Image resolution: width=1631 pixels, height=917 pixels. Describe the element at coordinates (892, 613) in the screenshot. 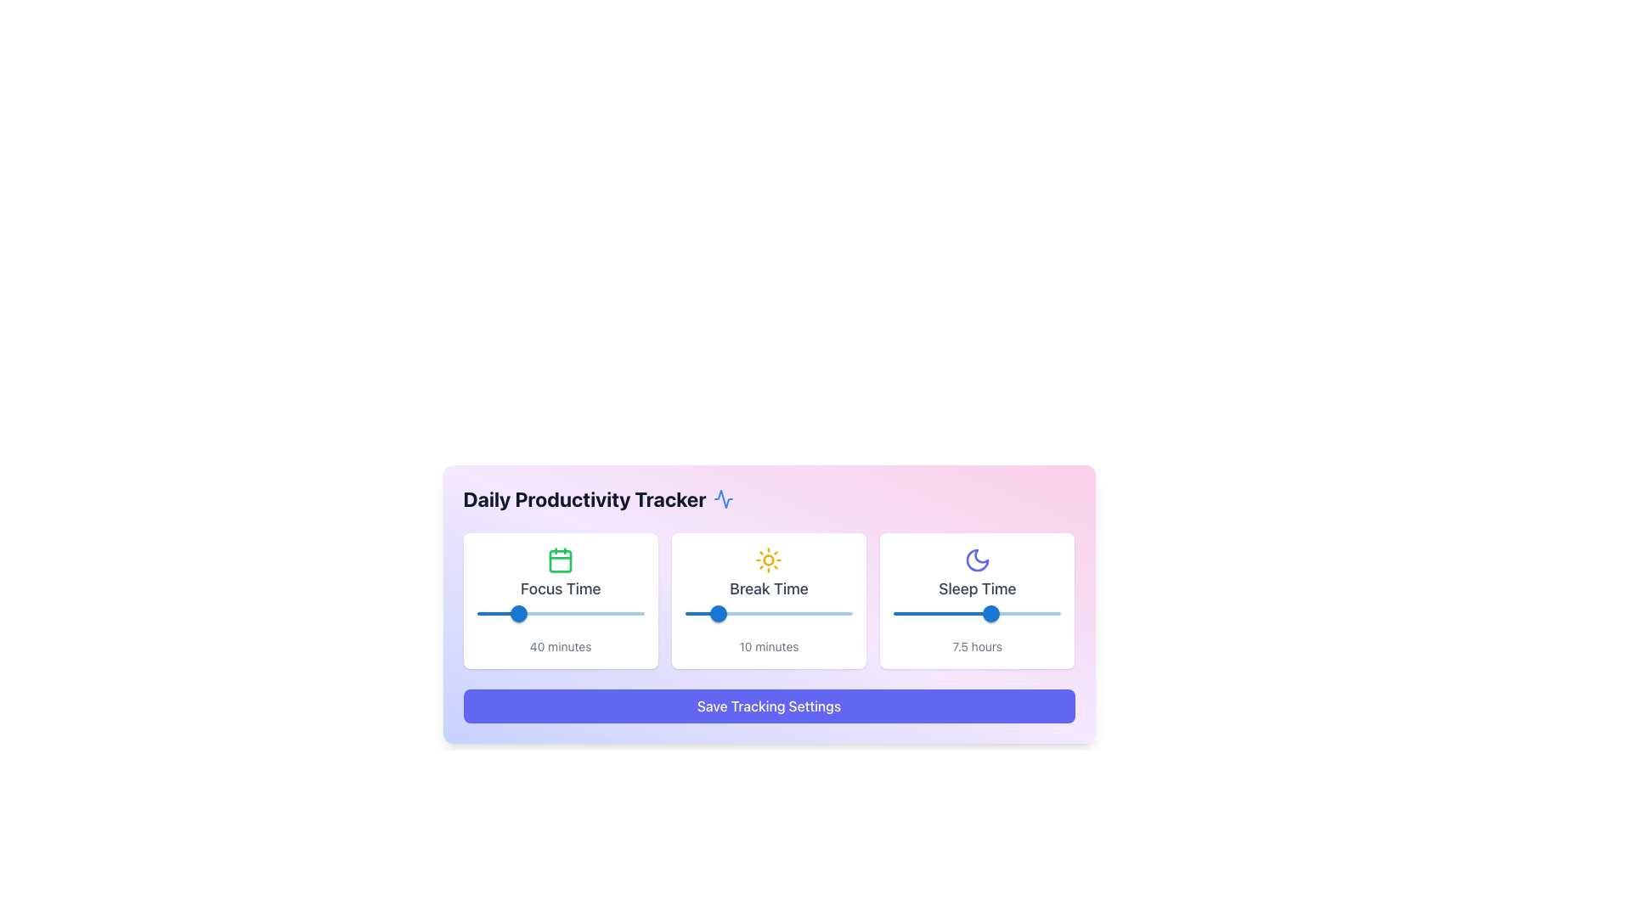

I see `the sleep time slider` at that location.